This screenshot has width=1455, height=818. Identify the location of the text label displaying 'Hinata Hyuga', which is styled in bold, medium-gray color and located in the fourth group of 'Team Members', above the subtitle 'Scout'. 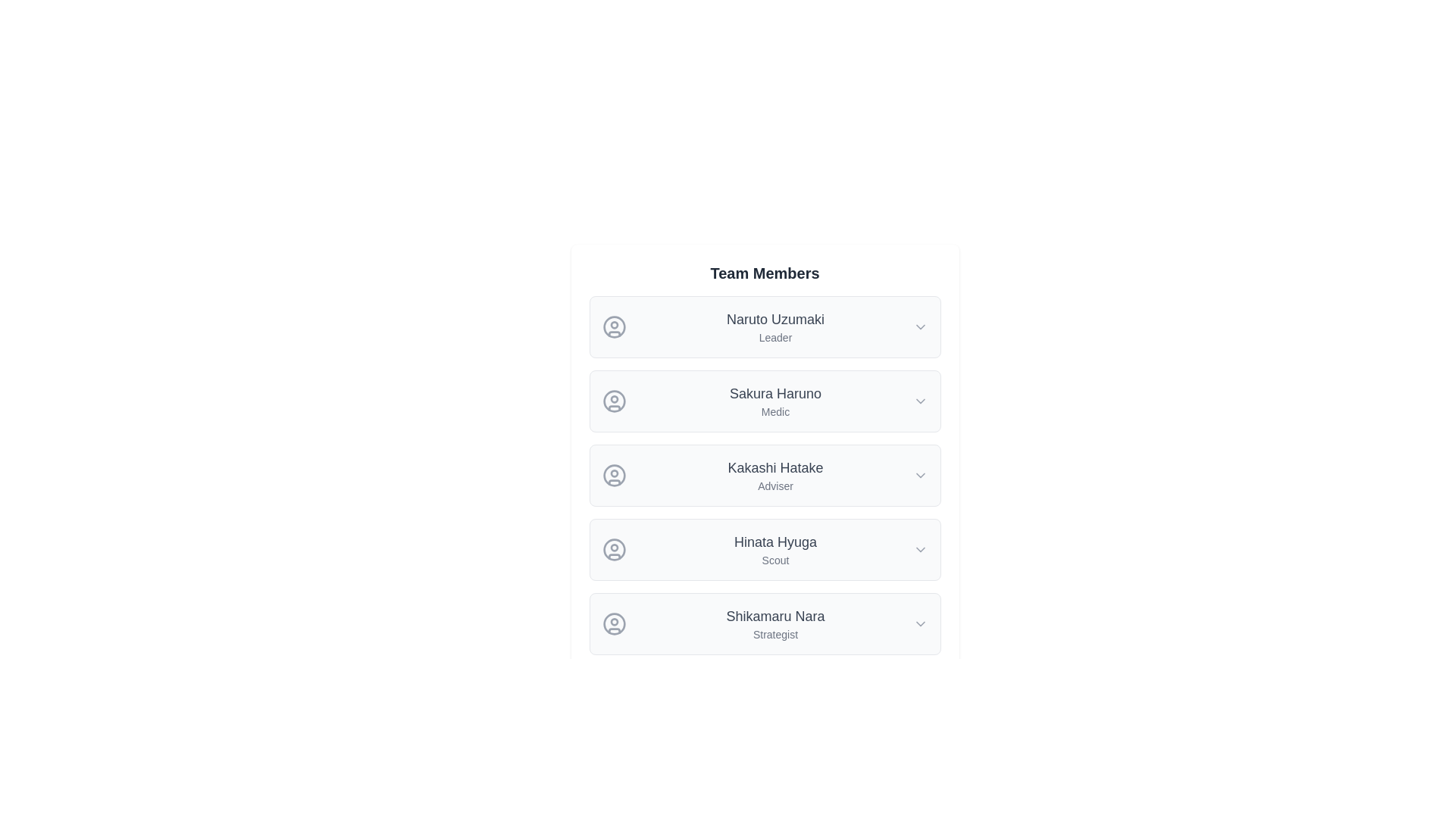
(775, 542).